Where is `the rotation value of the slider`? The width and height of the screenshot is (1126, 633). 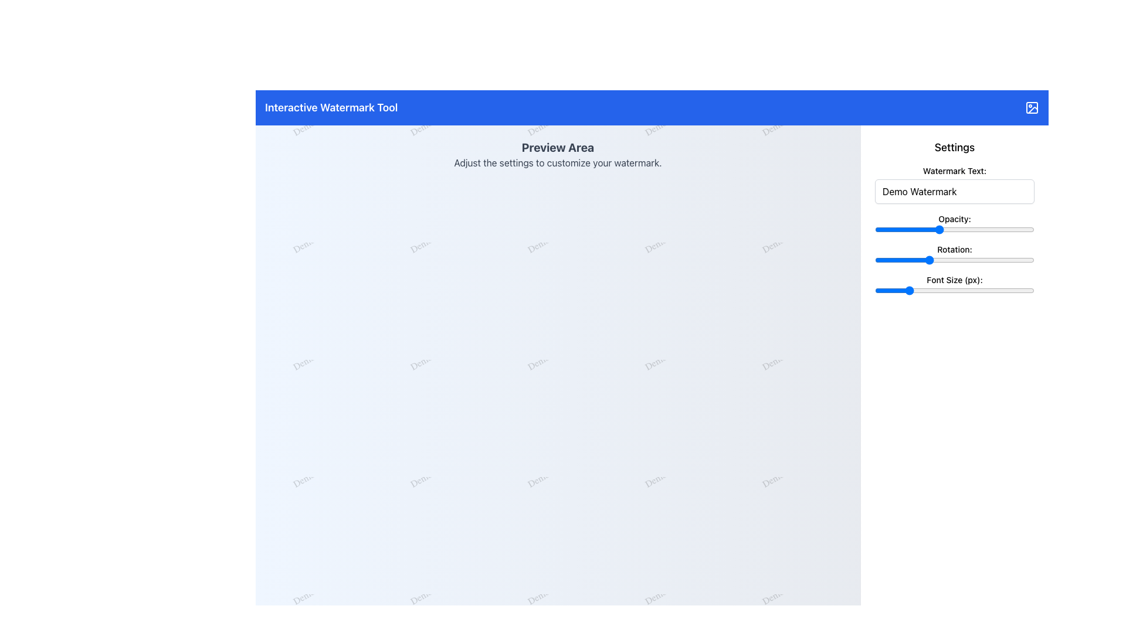
the rotation value of the slider is located at coordinates (883, 259).